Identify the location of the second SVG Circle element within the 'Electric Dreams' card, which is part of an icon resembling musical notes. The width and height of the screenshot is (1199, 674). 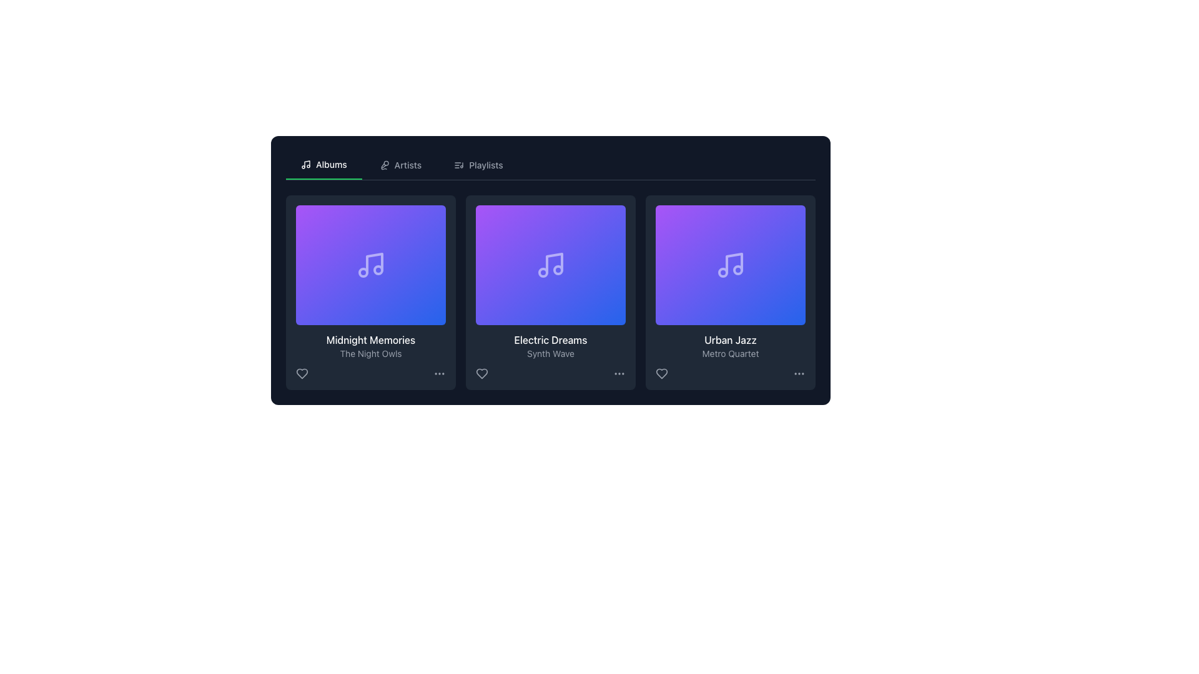
(557, 269).